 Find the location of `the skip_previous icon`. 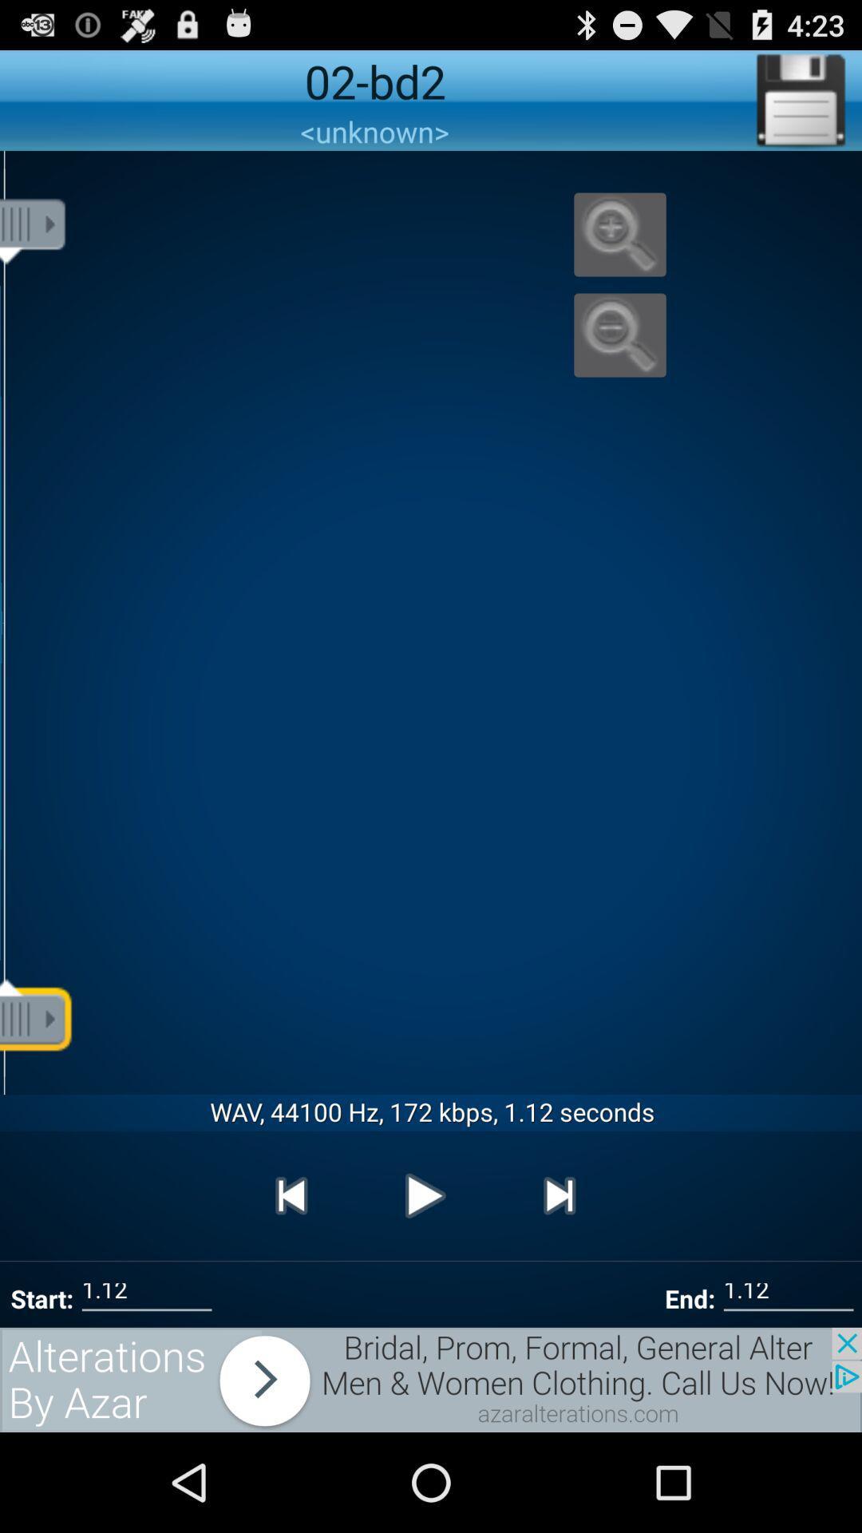

the skip_previous icon is located at coordinates (291, 1280).